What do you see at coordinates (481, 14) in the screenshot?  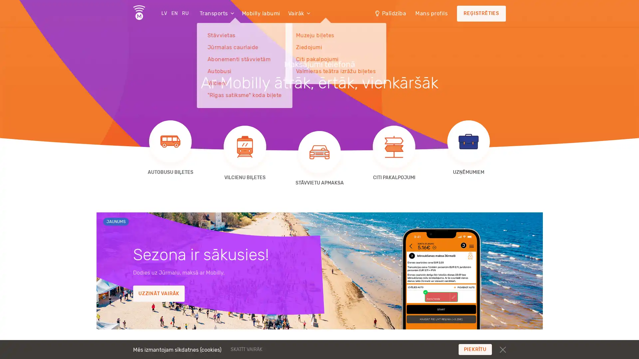 I see `REGISTRETIES` at bounding box center [481, 14].